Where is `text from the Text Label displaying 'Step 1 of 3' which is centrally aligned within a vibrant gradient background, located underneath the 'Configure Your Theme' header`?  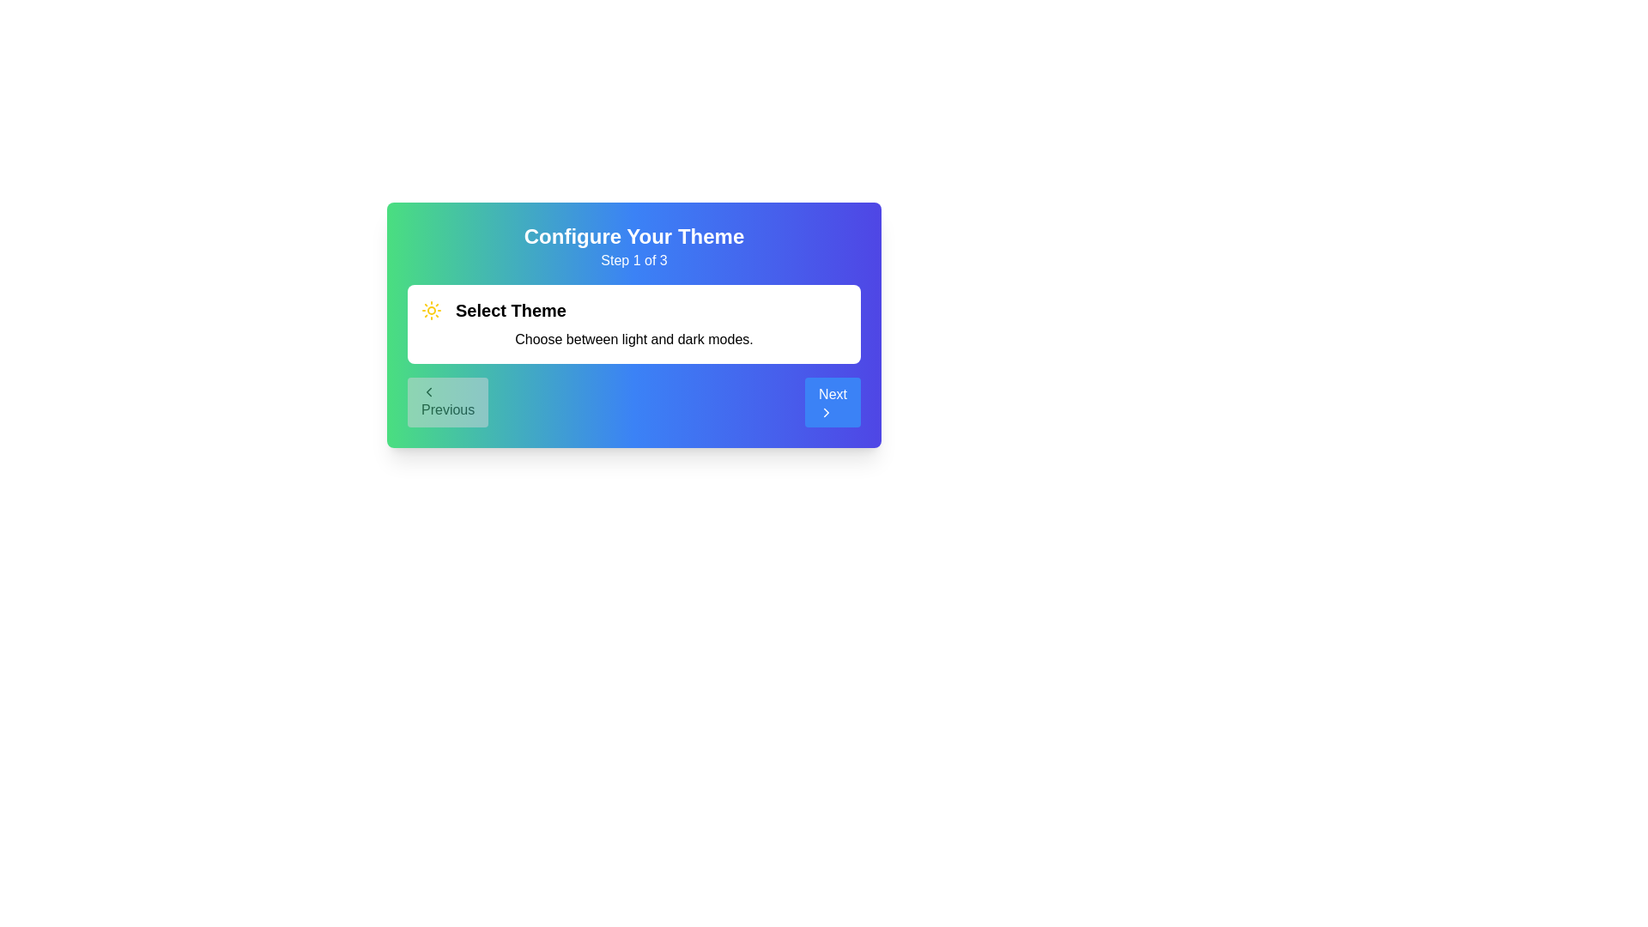
text from the Text Label displaying 'Step 1 of 3' which is centrally aligned within a vibrant gradient background, located underneath the 'Configure Your Theme' header is located at coordinates (633, 261).